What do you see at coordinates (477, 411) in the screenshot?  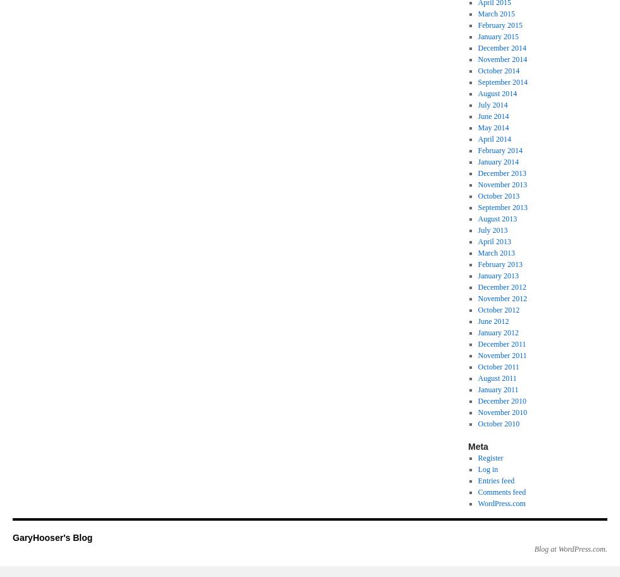 I see `'November 2010'` at bounding box center [477, 411].